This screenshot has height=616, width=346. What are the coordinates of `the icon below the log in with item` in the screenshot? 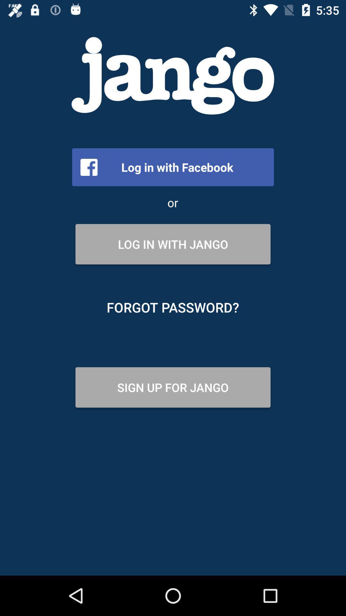 It's located at (172, 307).